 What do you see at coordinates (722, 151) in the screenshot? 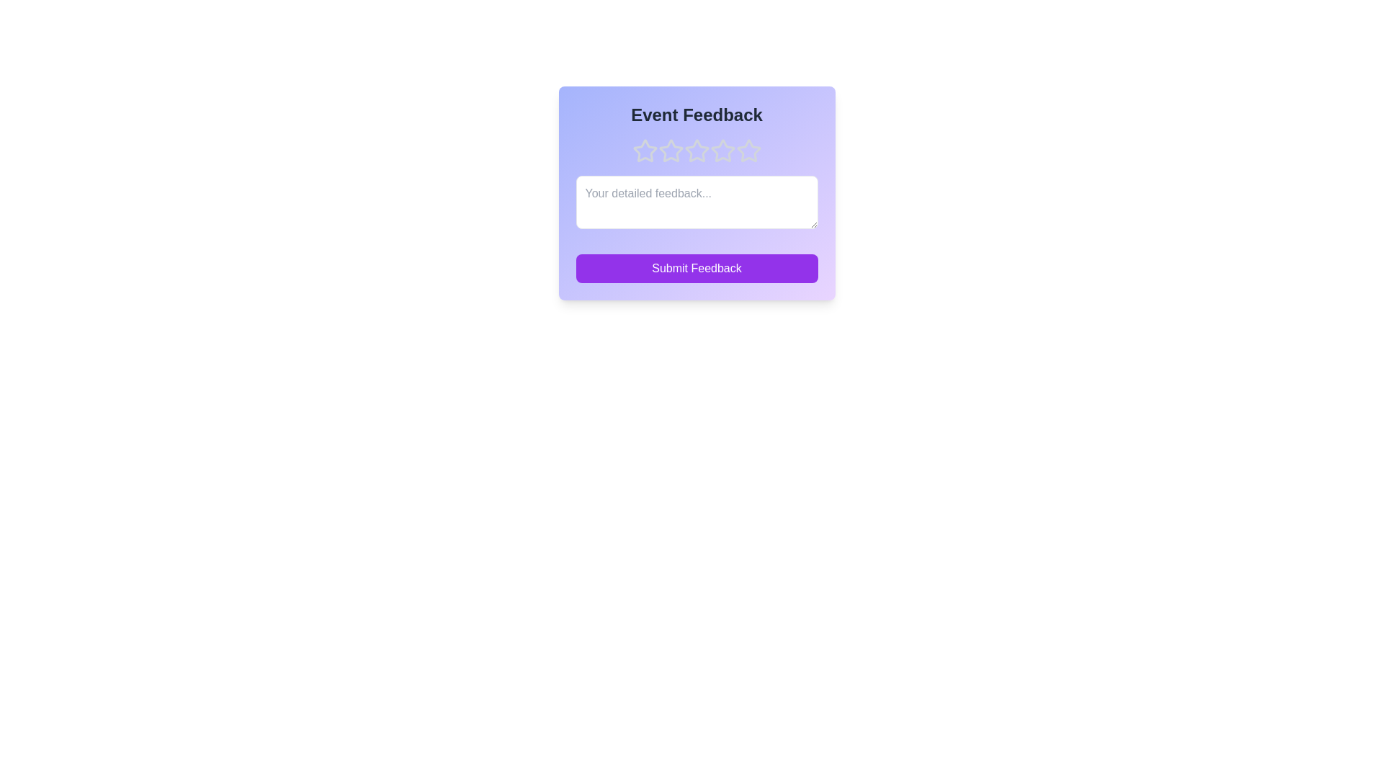
I see `the rating to 4 stars by clicking on the corresponding star` at bounding box center [722, 151].